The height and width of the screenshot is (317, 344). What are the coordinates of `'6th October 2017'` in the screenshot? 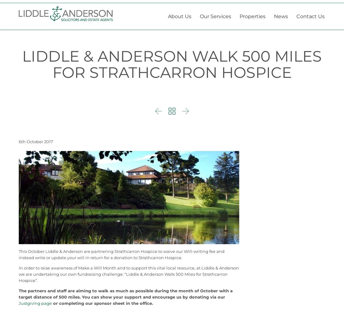 It's located at (36, 157).